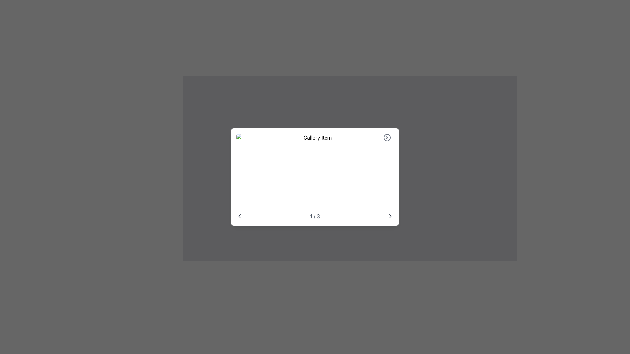 The height and width of the screenshot is (354, 630). What do you see at coordinates (239, 216) in the screenshot?
I see `the pagination button located at the bottom left of the pagination controls, which allows users` at bounding box center [239, 216].